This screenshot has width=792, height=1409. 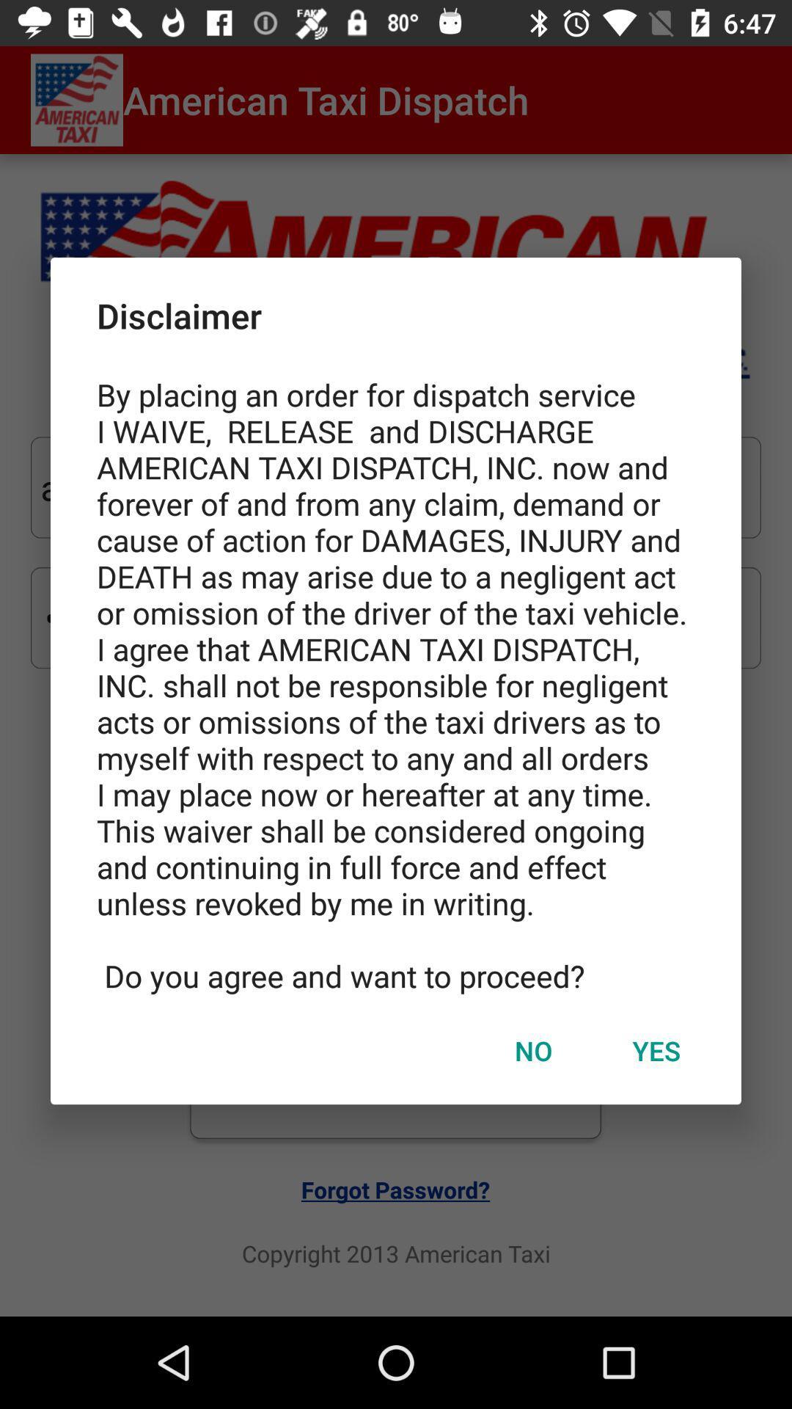 What do you see at coordinates (656, 1049) in the screenshot?
I see `yes icon` at bounding box center [656, 1049].